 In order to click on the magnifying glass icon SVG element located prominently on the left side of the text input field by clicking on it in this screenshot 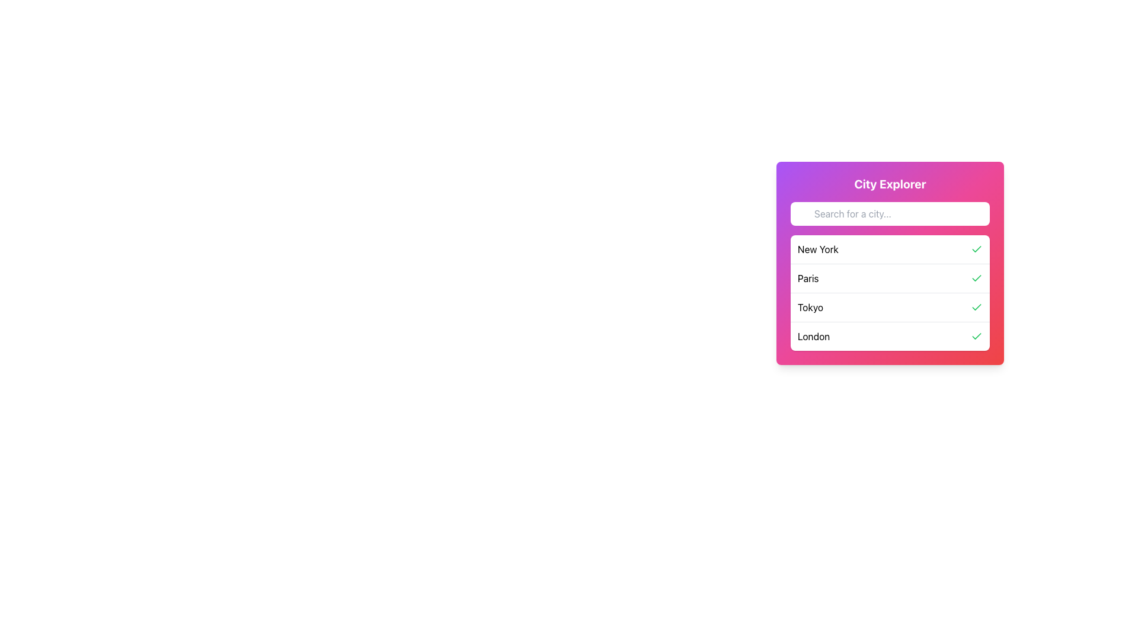, I will do `click(805, 216)`.